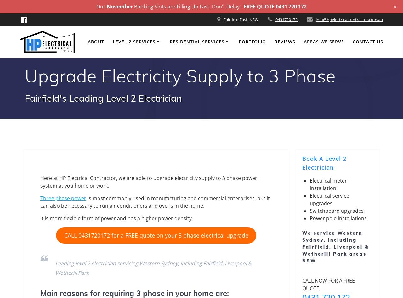 The height and width of the screenshot is (298, 403). What do you see at coordinates (148, 182) in the screenshot?
I see `'Here at HP Electrical Contractor, we are able to upgrade electricity supply to 3 phase power system at you home or work.'` at bounding box center [148, 182].